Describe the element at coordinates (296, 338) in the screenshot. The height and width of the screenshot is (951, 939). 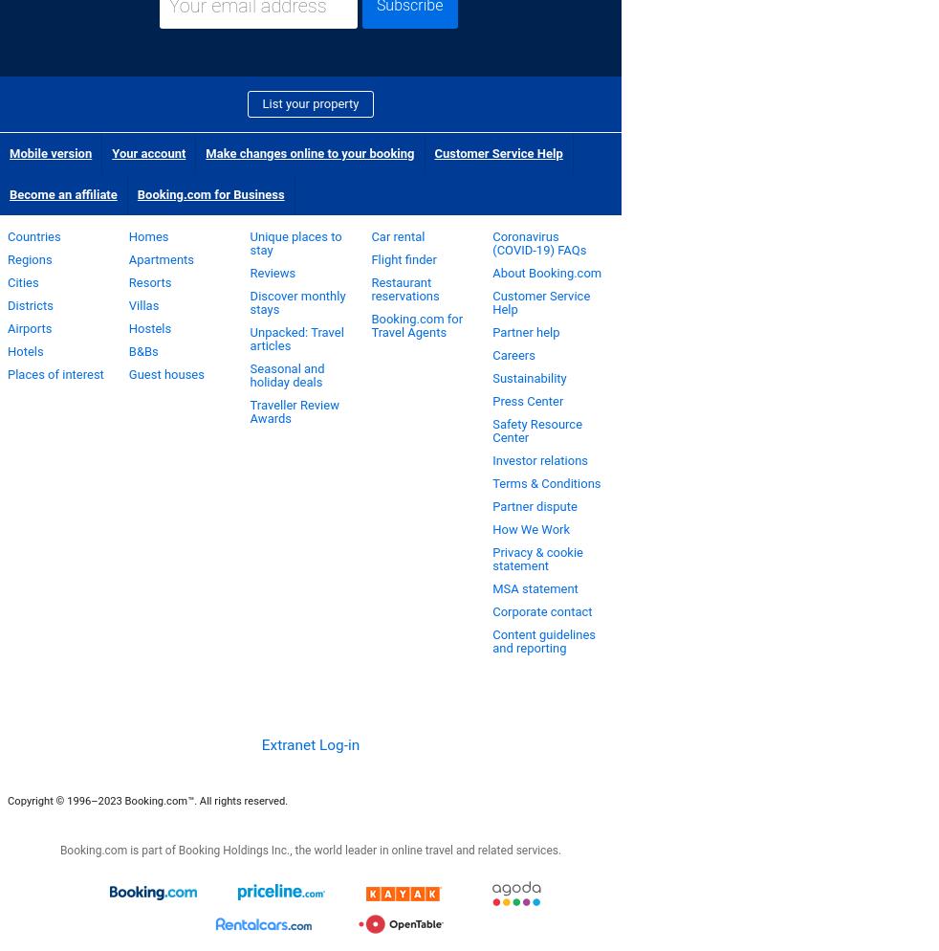
I see `'Unpacked: Travel articles'` at that location.